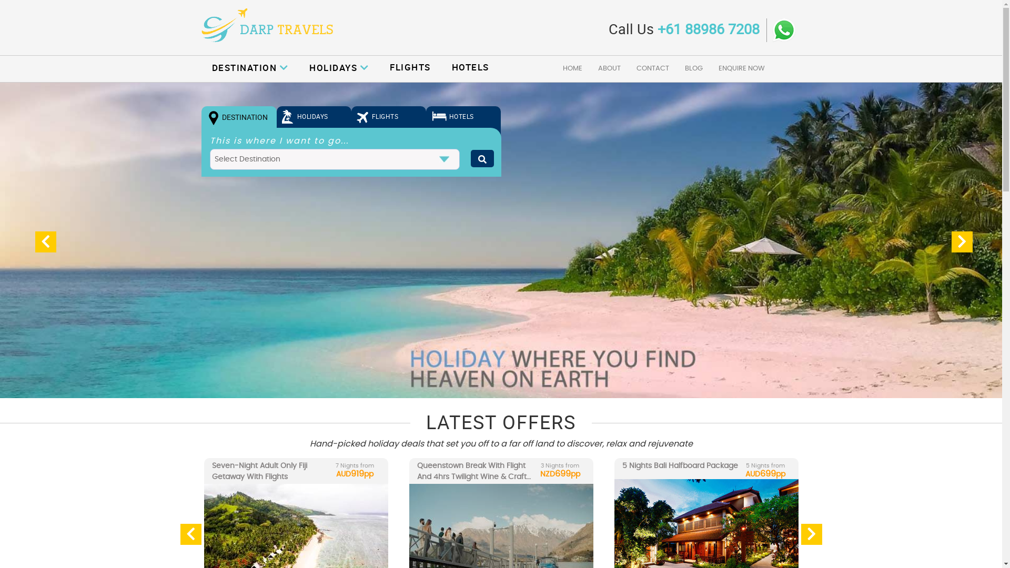 The width and height of the screenshot is (1010, 568). I want to click on 'HOLIDAYS', so click(339, 67).